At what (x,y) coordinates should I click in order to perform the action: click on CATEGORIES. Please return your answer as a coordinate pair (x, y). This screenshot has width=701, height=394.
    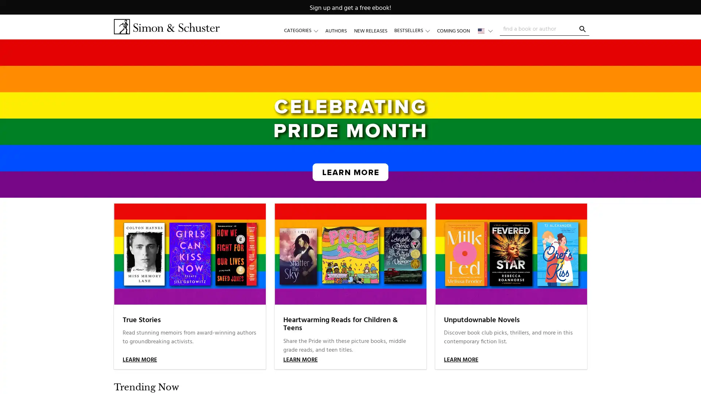
    Looking at the image, I should click on (304, 30).